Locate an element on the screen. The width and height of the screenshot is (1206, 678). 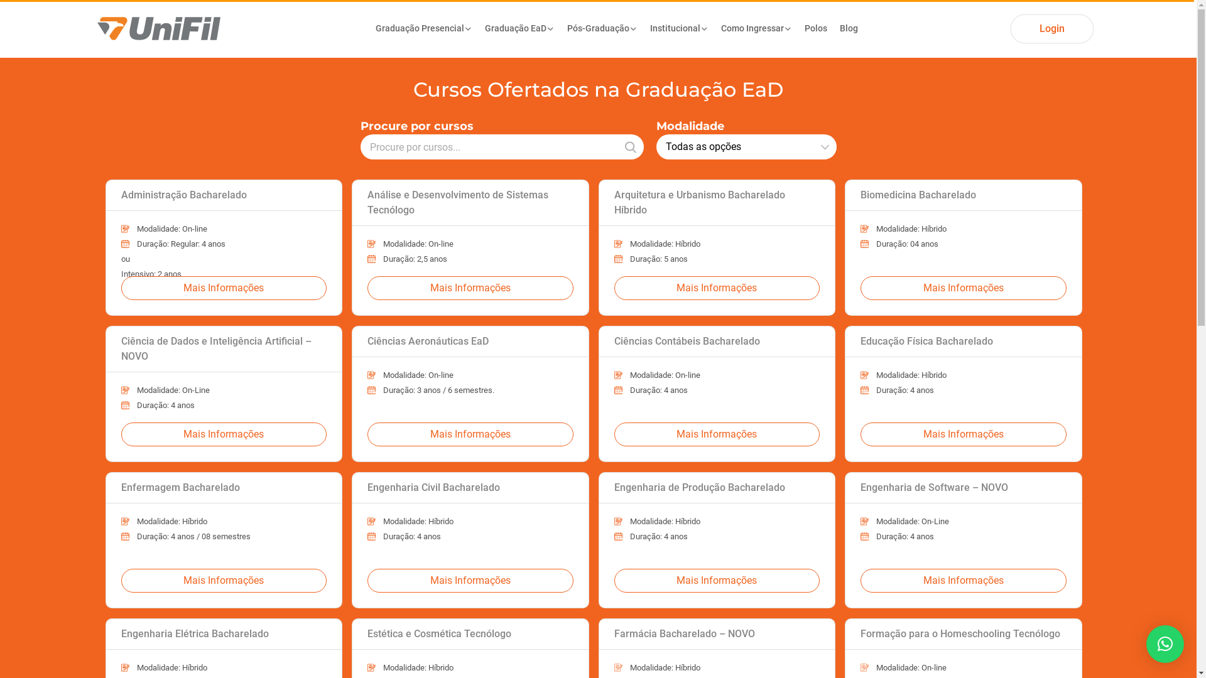
'Biomedicina Bacharelado' is located at coordinates (963, 195).